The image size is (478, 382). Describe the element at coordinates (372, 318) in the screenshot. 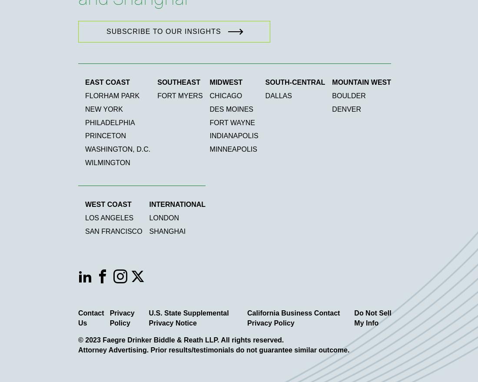

I see `'Do Not Sell My Info'` at that location.